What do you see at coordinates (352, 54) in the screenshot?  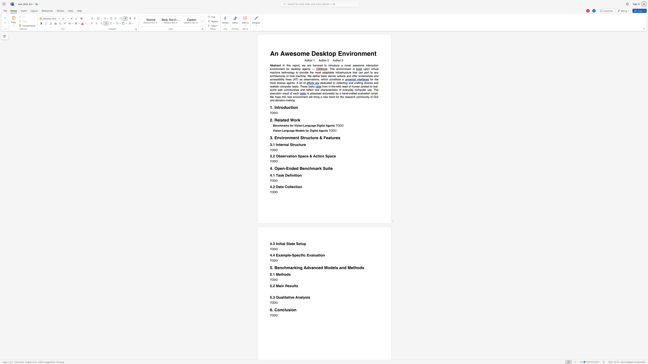 I see `the 1th character "r" in the text` at bounding box center [352, 54].